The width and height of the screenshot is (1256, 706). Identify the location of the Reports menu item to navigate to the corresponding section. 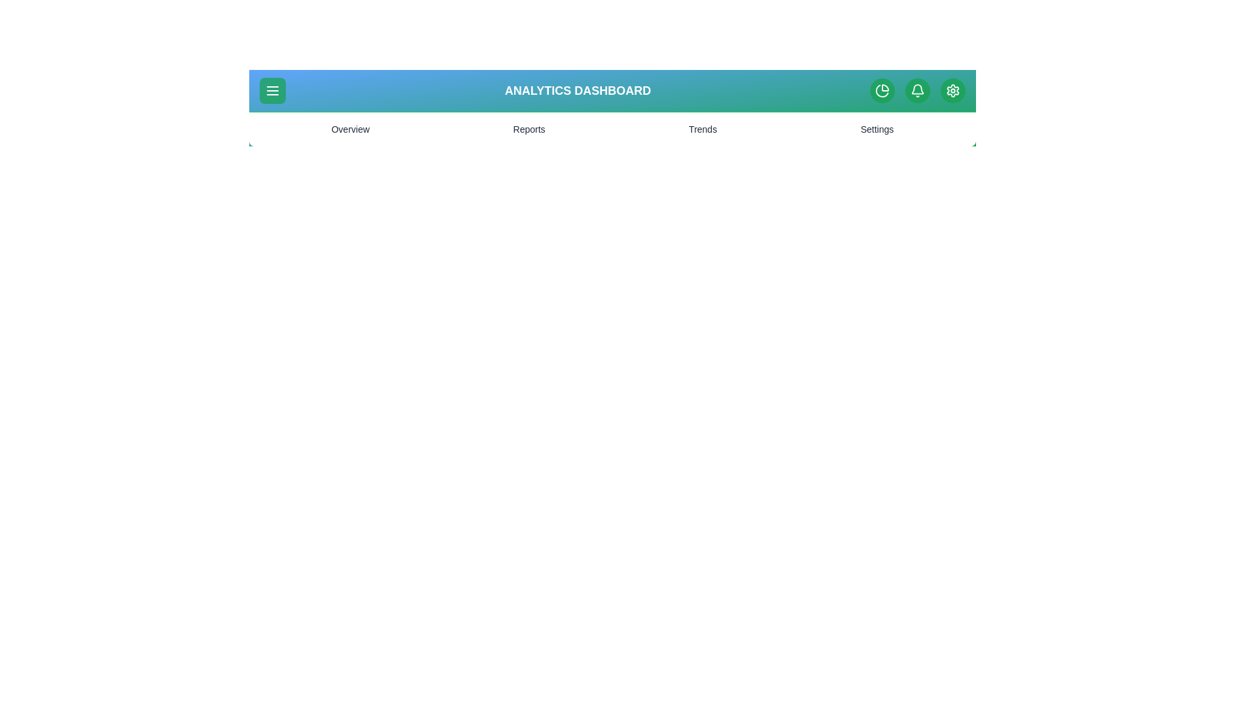
(529, 129).